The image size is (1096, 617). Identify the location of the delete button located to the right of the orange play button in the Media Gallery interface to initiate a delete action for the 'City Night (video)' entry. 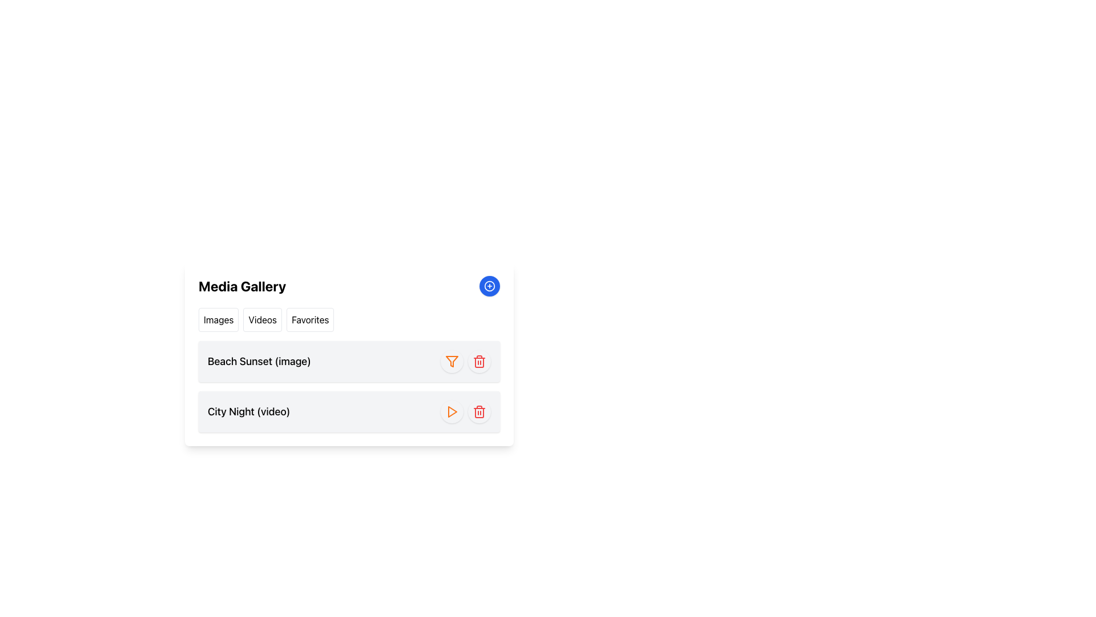
(479, 412).